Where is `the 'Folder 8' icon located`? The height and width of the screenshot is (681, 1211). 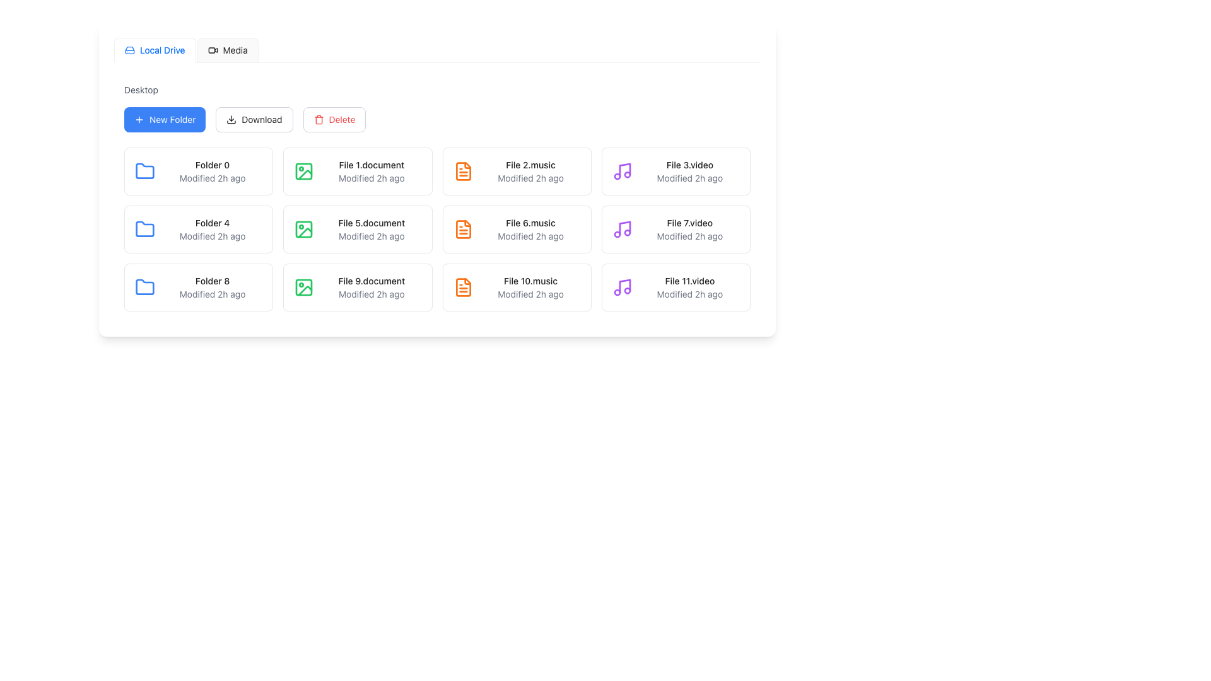 the 'Folder 8' icon located is located at coordinates (145, 287).